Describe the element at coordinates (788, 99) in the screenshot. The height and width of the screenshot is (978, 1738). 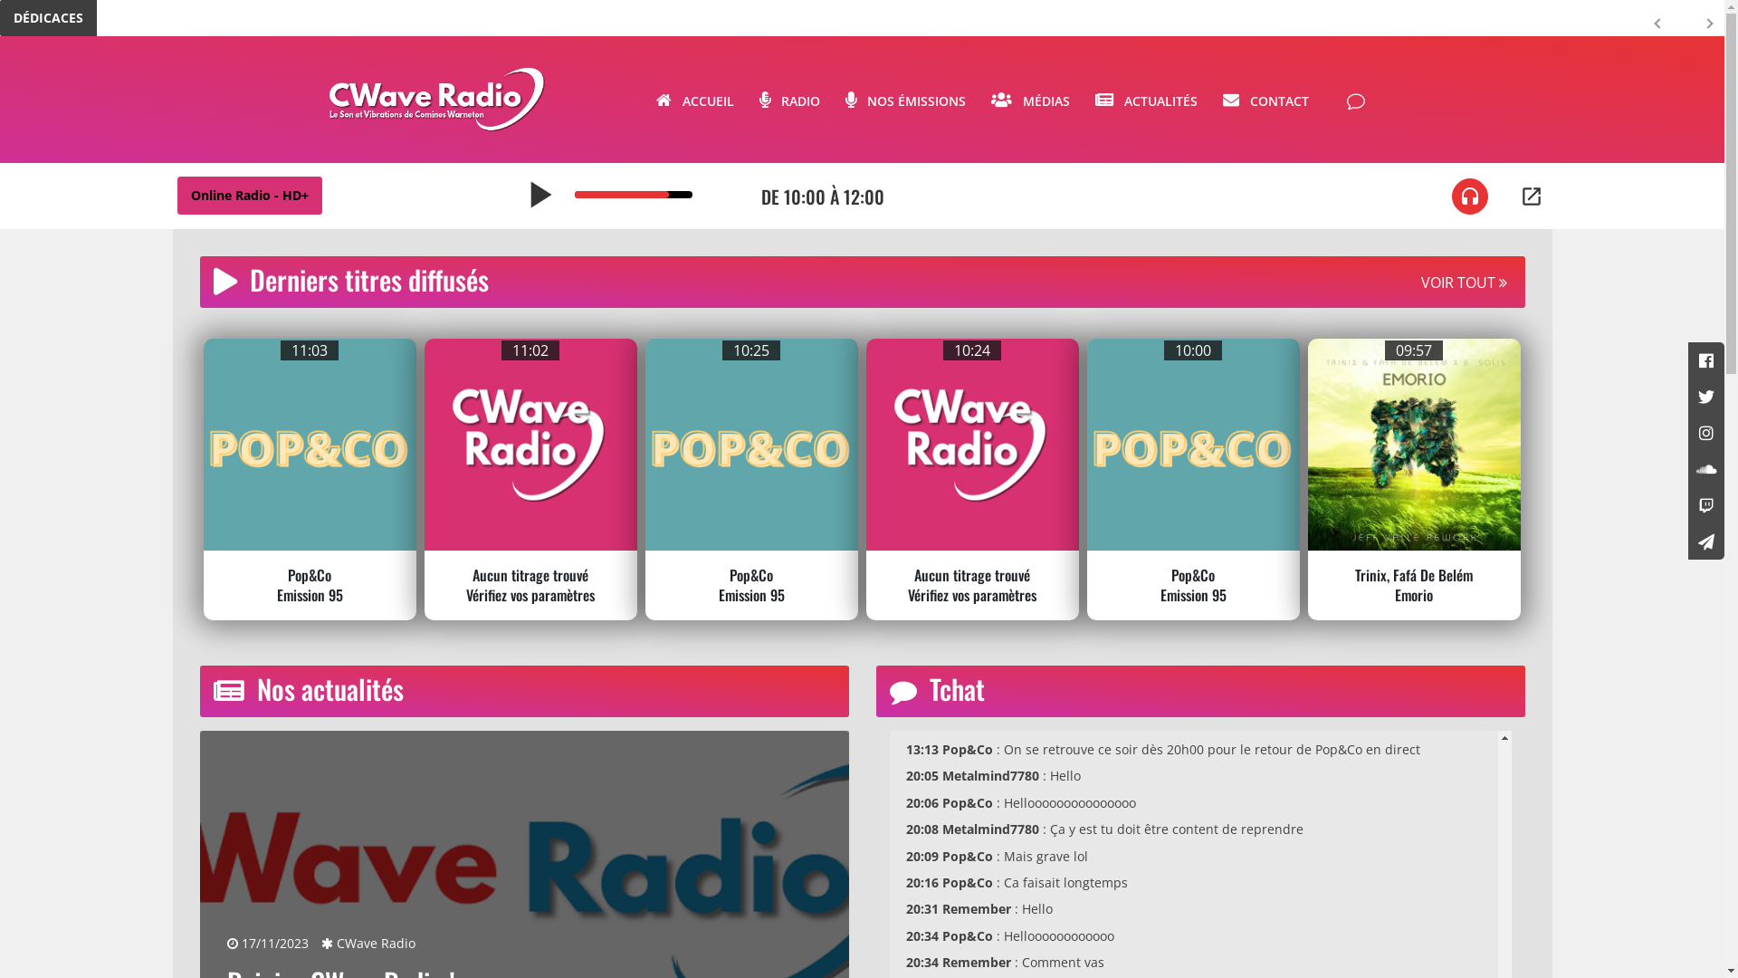
I see `'  RADIO'` at that location.